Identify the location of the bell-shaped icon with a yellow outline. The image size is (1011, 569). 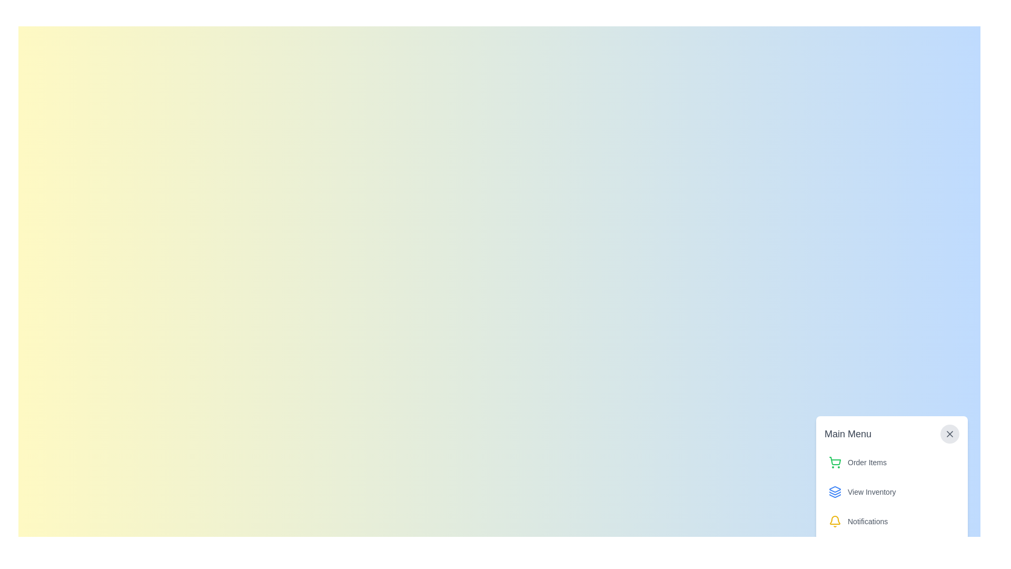
(834, 522).